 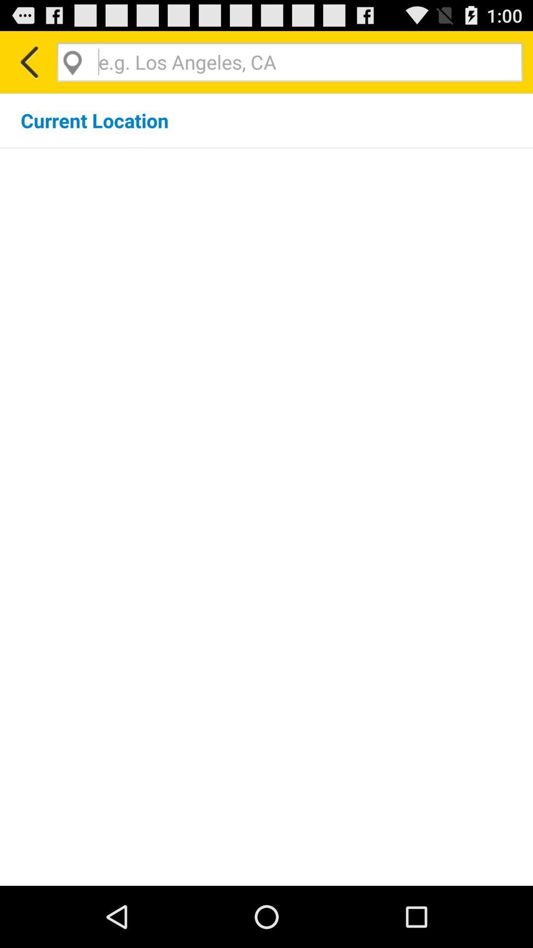 What do you see at coordinates (28, 61) in the screenshot?
I see `a button for going back` at bounding box center [28, 61].